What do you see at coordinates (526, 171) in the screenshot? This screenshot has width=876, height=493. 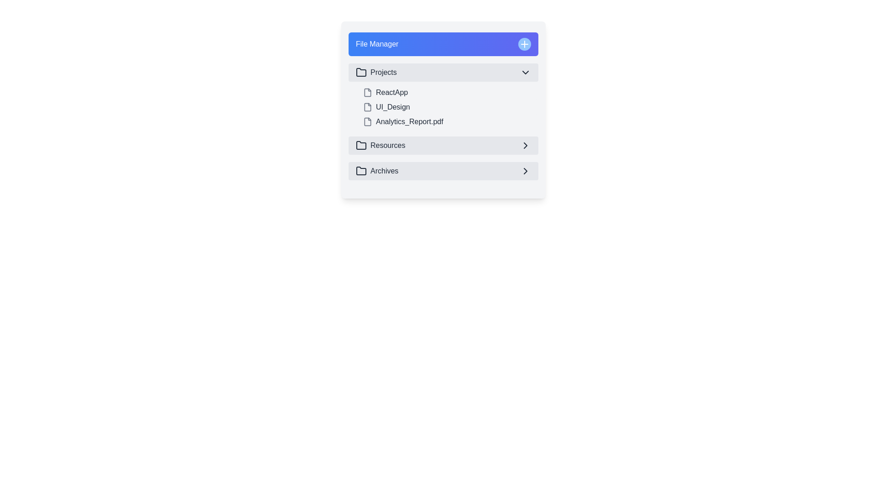 I see `the arrow icon located to the far right of the 'Archives' entry` at bounding box center [526, 171].